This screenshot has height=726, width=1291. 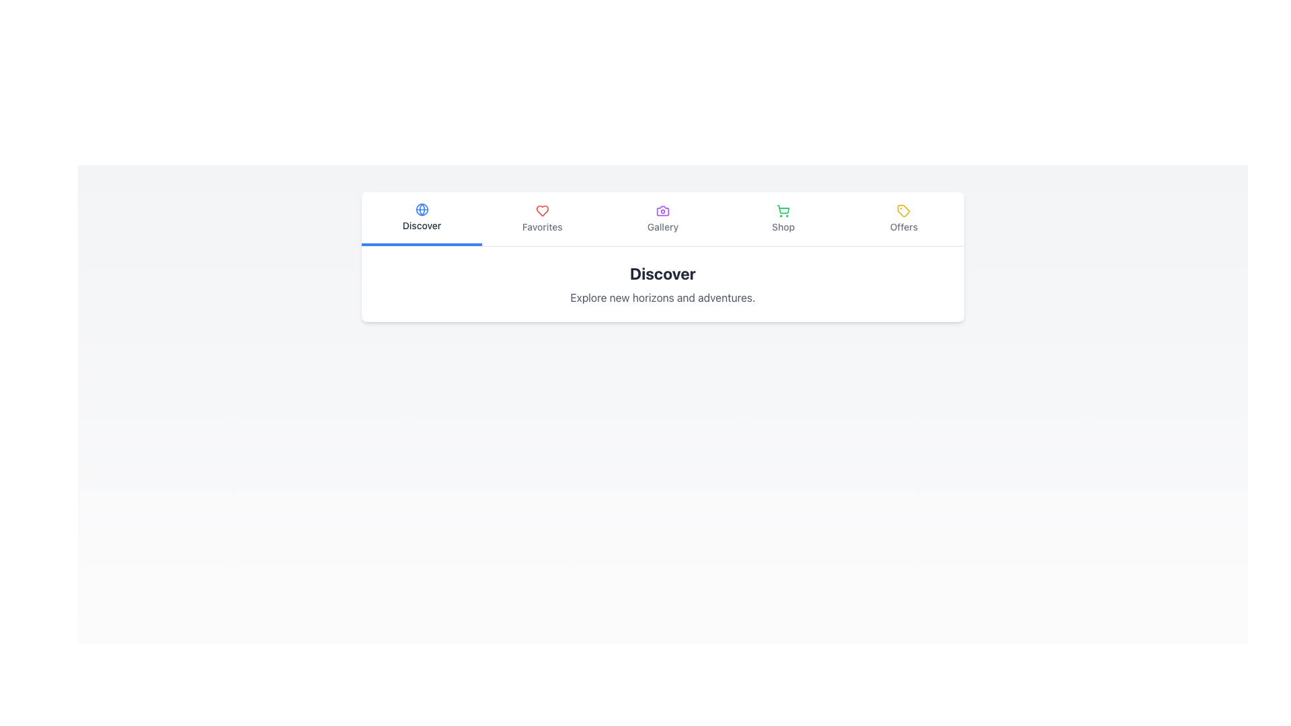 What do you see at coordinates (421, 225) in the screenshot?
I see `the text label displaying 'Discover'` at bounding box center [421, 225].